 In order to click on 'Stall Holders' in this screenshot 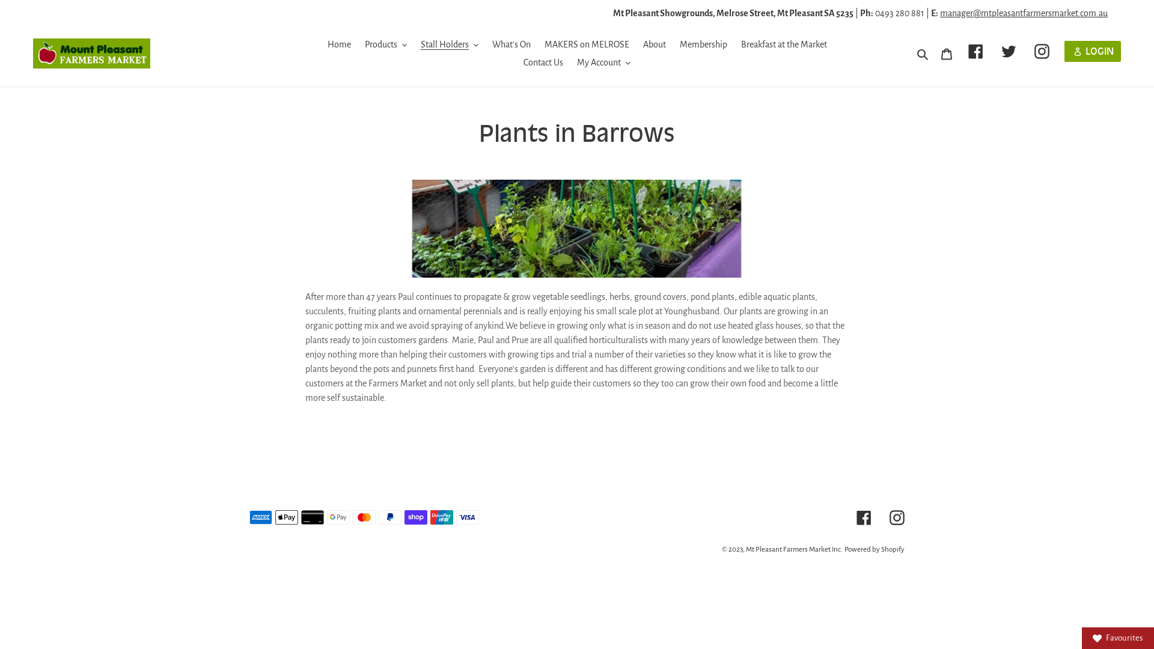, I will do `click(449, 43)`.